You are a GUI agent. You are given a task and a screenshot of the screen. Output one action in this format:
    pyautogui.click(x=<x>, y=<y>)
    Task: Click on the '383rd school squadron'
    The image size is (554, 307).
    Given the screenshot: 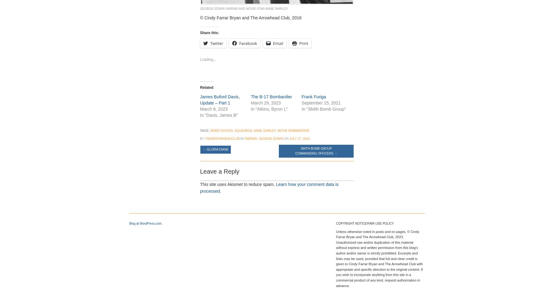 What is the action you would take?
    pyautogui.click(x=231, y=130)
    